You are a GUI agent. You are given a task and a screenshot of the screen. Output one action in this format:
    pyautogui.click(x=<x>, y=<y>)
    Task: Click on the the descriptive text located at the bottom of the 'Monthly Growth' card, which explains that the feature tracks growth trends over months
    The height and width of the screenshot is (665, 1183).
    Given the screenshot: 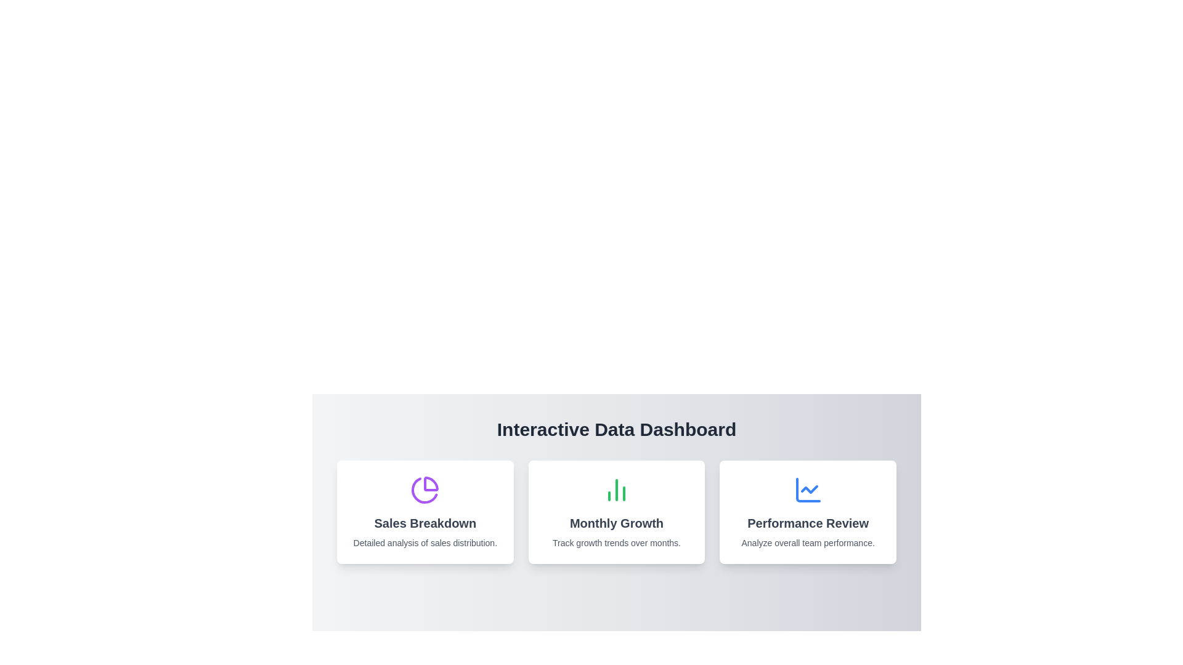 What is the action you would take?
    pyautogui.click(x=616, y=542)
    